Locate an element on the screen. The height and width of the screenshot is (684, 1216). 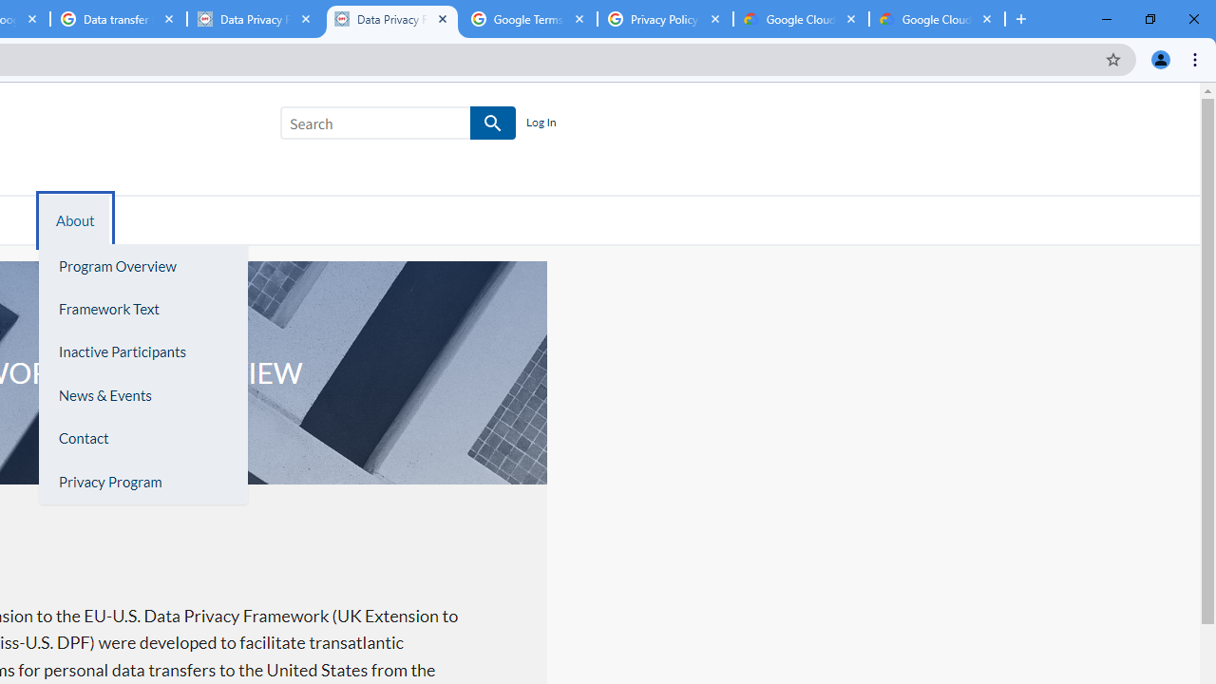
'Google Cloud Privacy Notice' is located at coordinates (937, 19).